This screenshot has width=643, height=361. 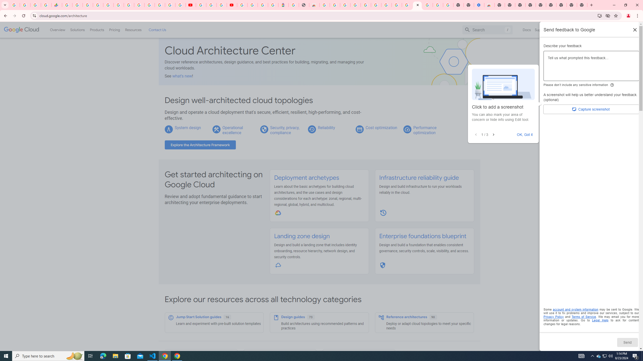 What do you see at coordinates (182, 76) in the screenshot?
I see `'what'` at bounding box center [182, 76].